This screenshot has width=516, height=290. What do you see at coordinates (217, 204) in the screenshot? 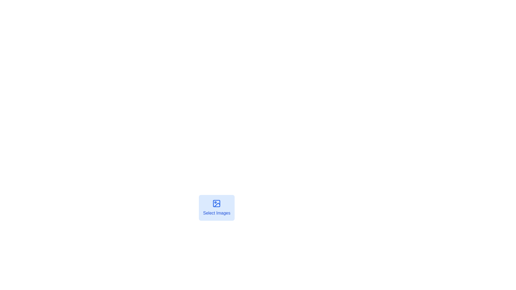
I see `the SVG icon that represents the action of selecting or uploading images, which is centrally located in the light-blue rectangular area above the 'Select Images' label` at bounding box center [217, 204].